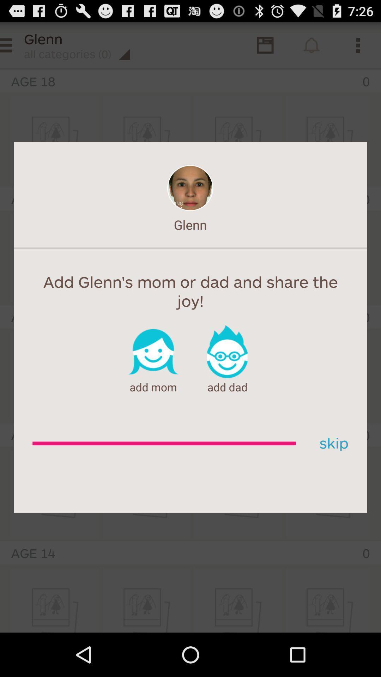 This screenshot has width=381, height=677. Describe the element at coordinates (331, 443) in the screenshot. I see `skip app` at that location.